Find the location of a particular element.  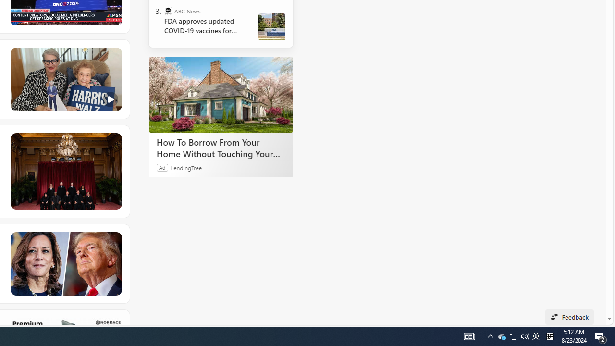

'LendingTree' is located at coordinates (186, 167).